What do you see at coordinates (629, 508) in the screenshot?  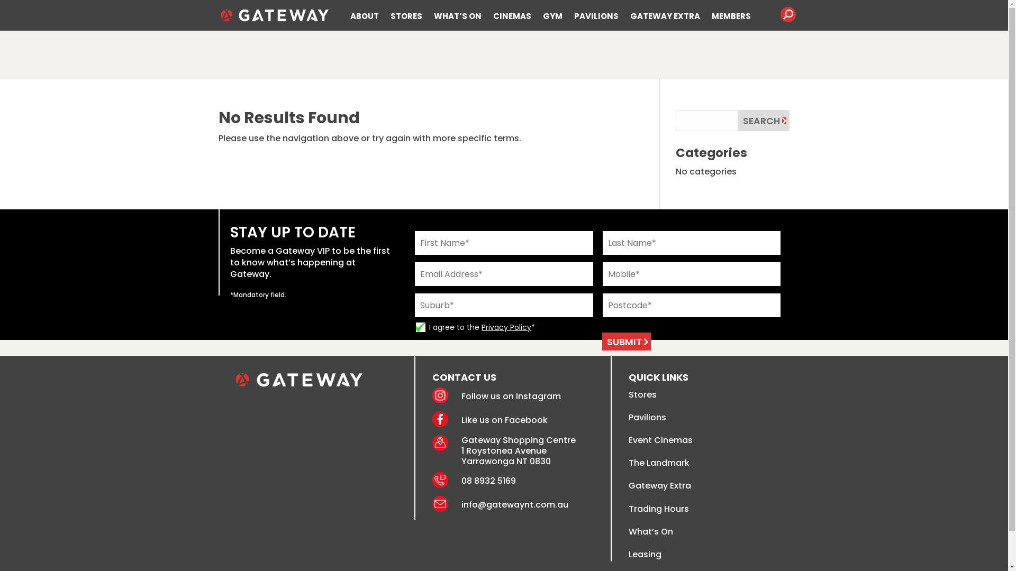 I see `'Trading Hours'` at bounding box center [629, 508].